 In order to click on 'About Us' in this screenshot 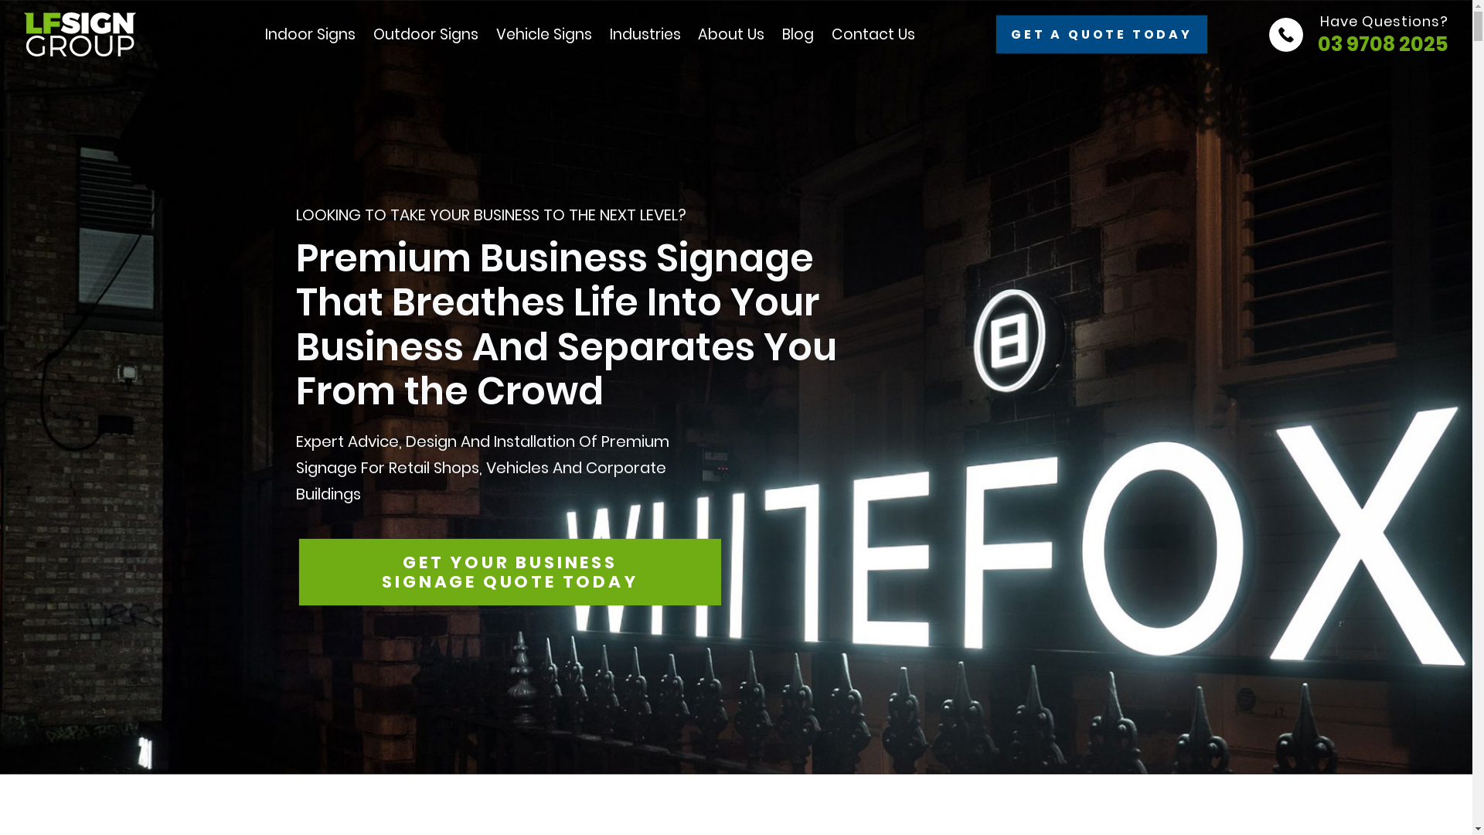, I will do `click(696, 34)`.